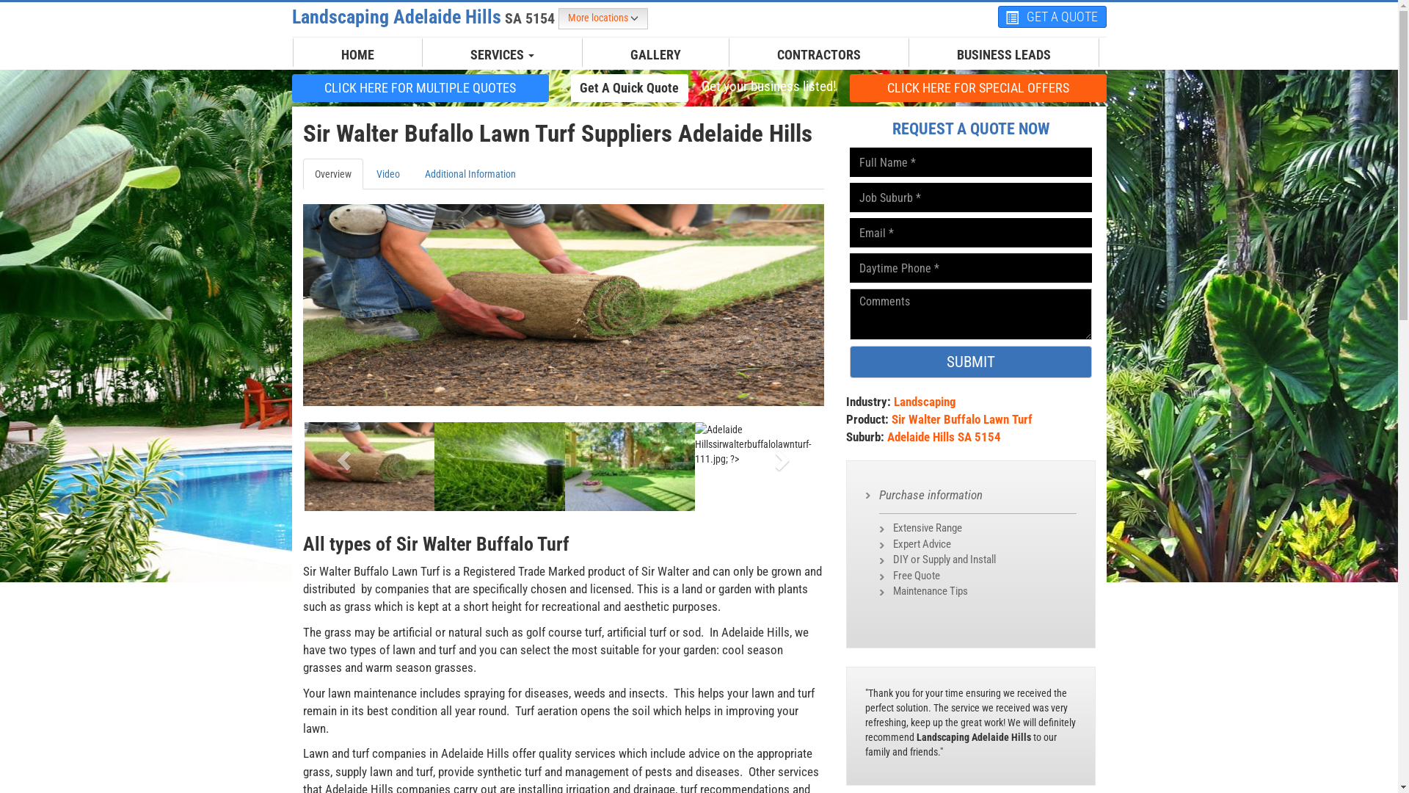 The image size is (1409, 793). Describe the element at coordinates (602, 18) in the screenshot. I see `'More locations'` at that location.